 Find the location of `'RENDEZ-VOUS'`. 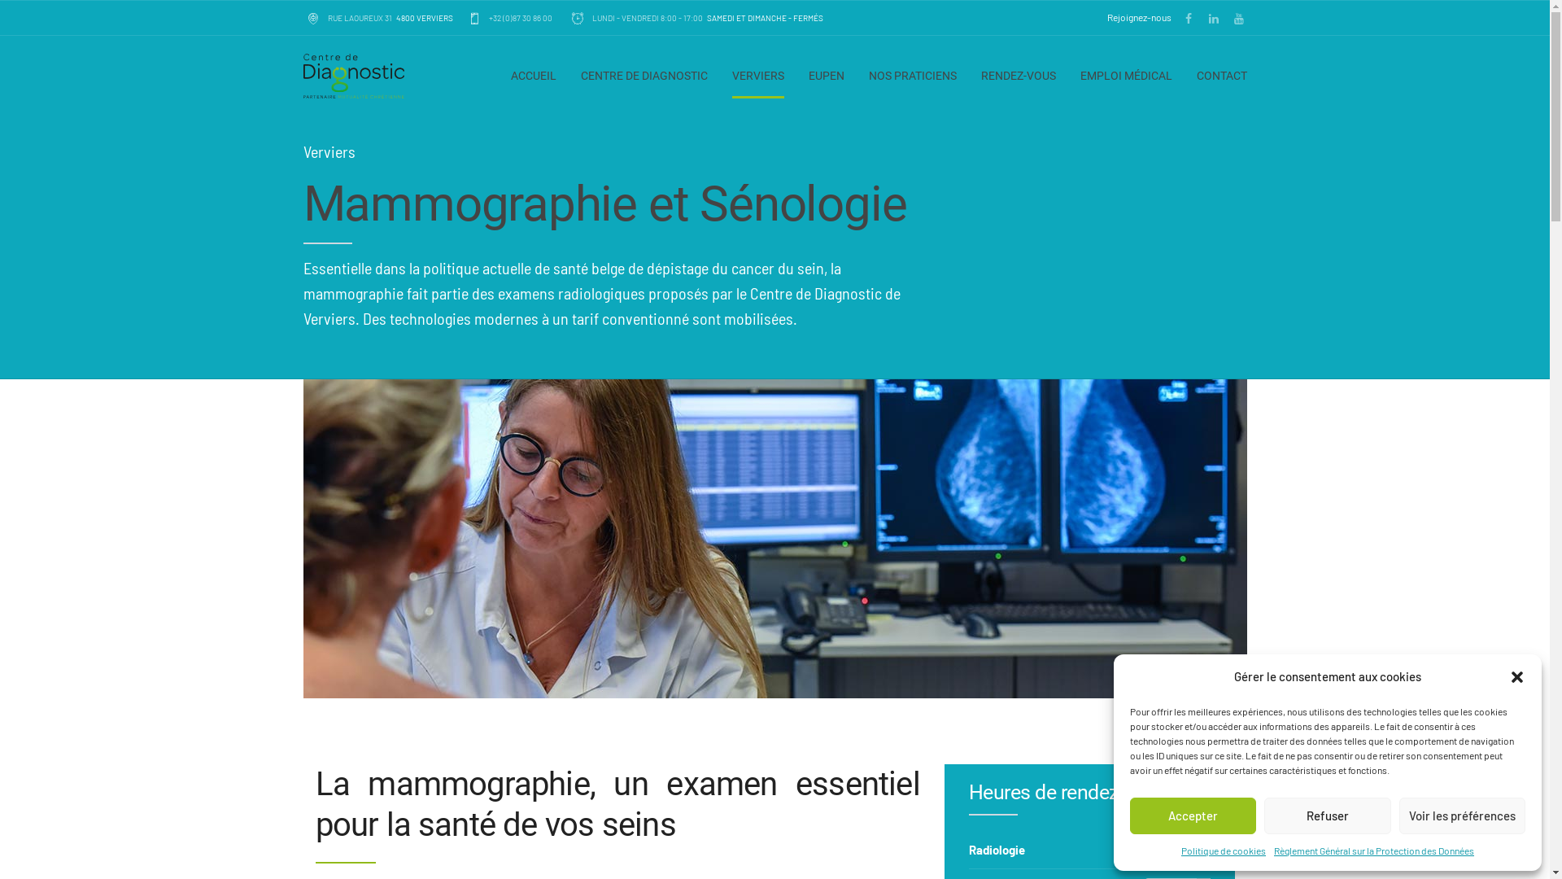

'RENDEZ-VOUS' is located at coordinates (1018, 76).